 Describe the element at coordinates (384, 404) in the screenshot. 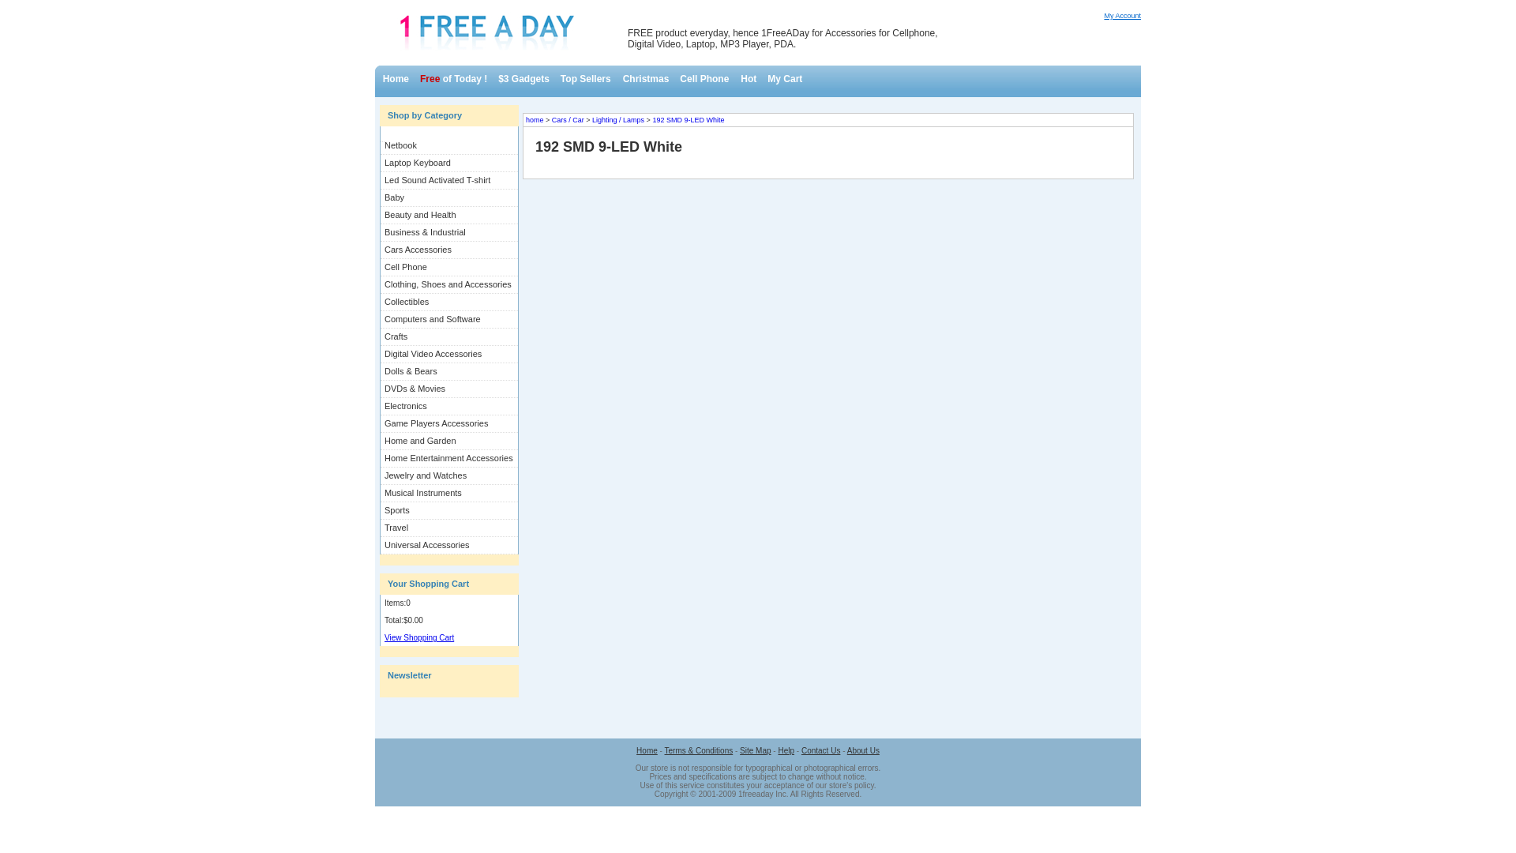

I see `'Electronics'` at that location.